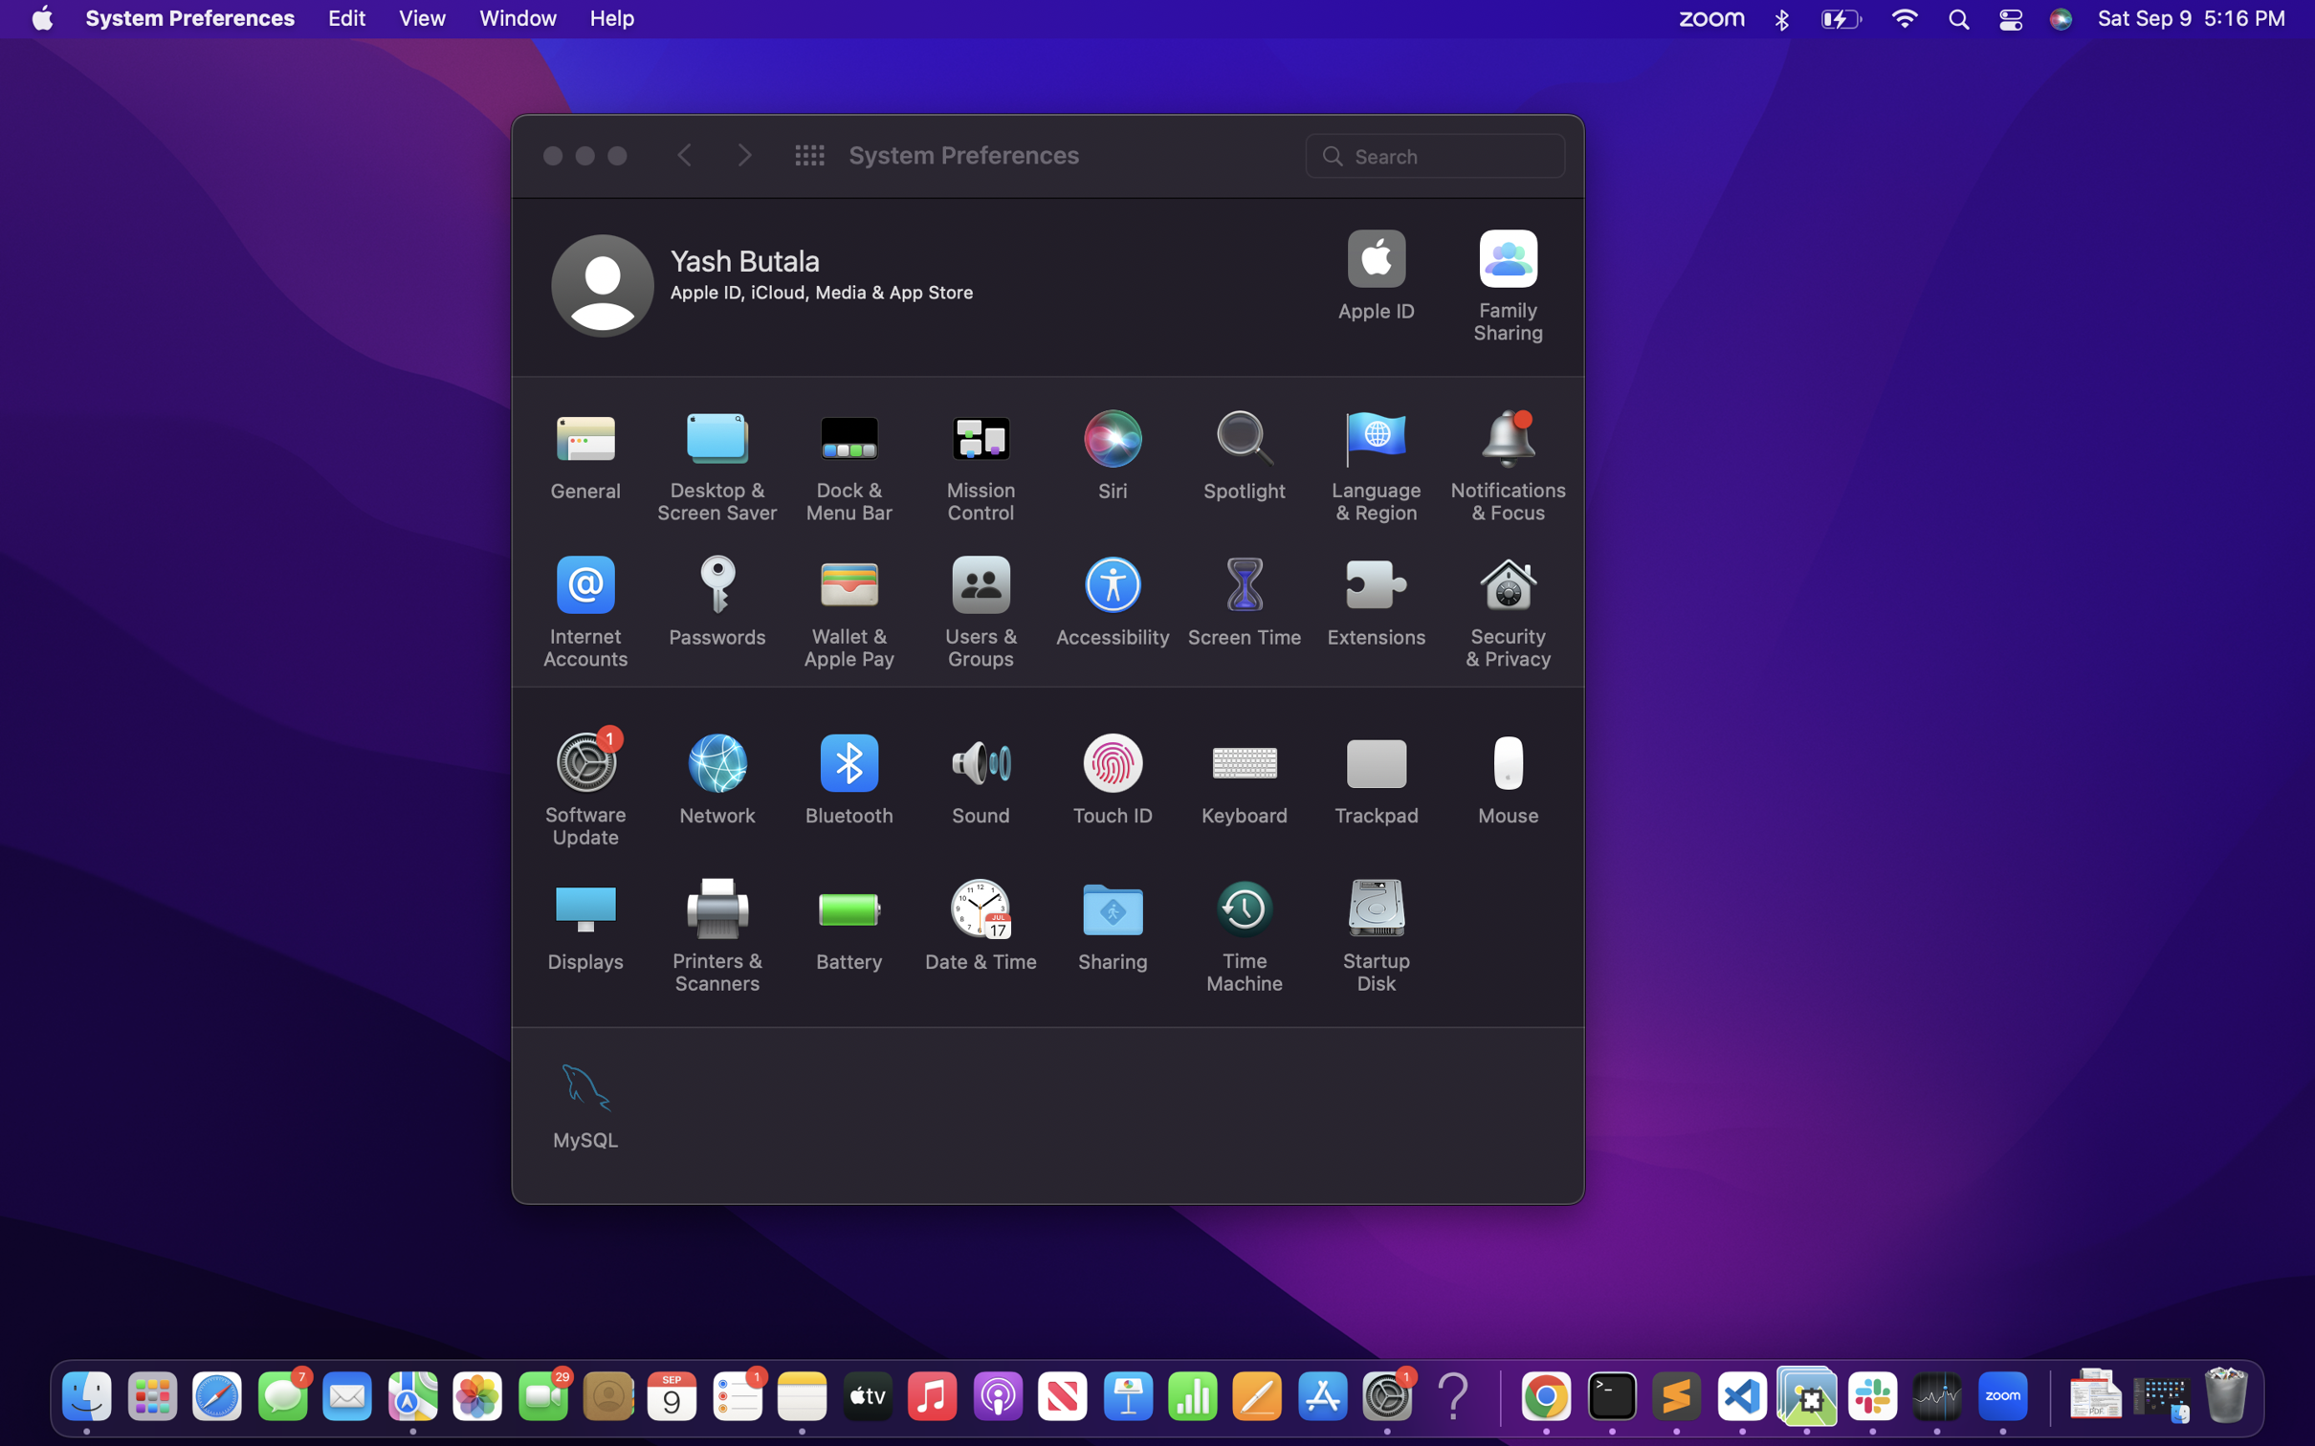  What do you see at coordinates (744, 155) in the screenshot?
I see `the new page of system preferences` at bounding box center [744, 155].